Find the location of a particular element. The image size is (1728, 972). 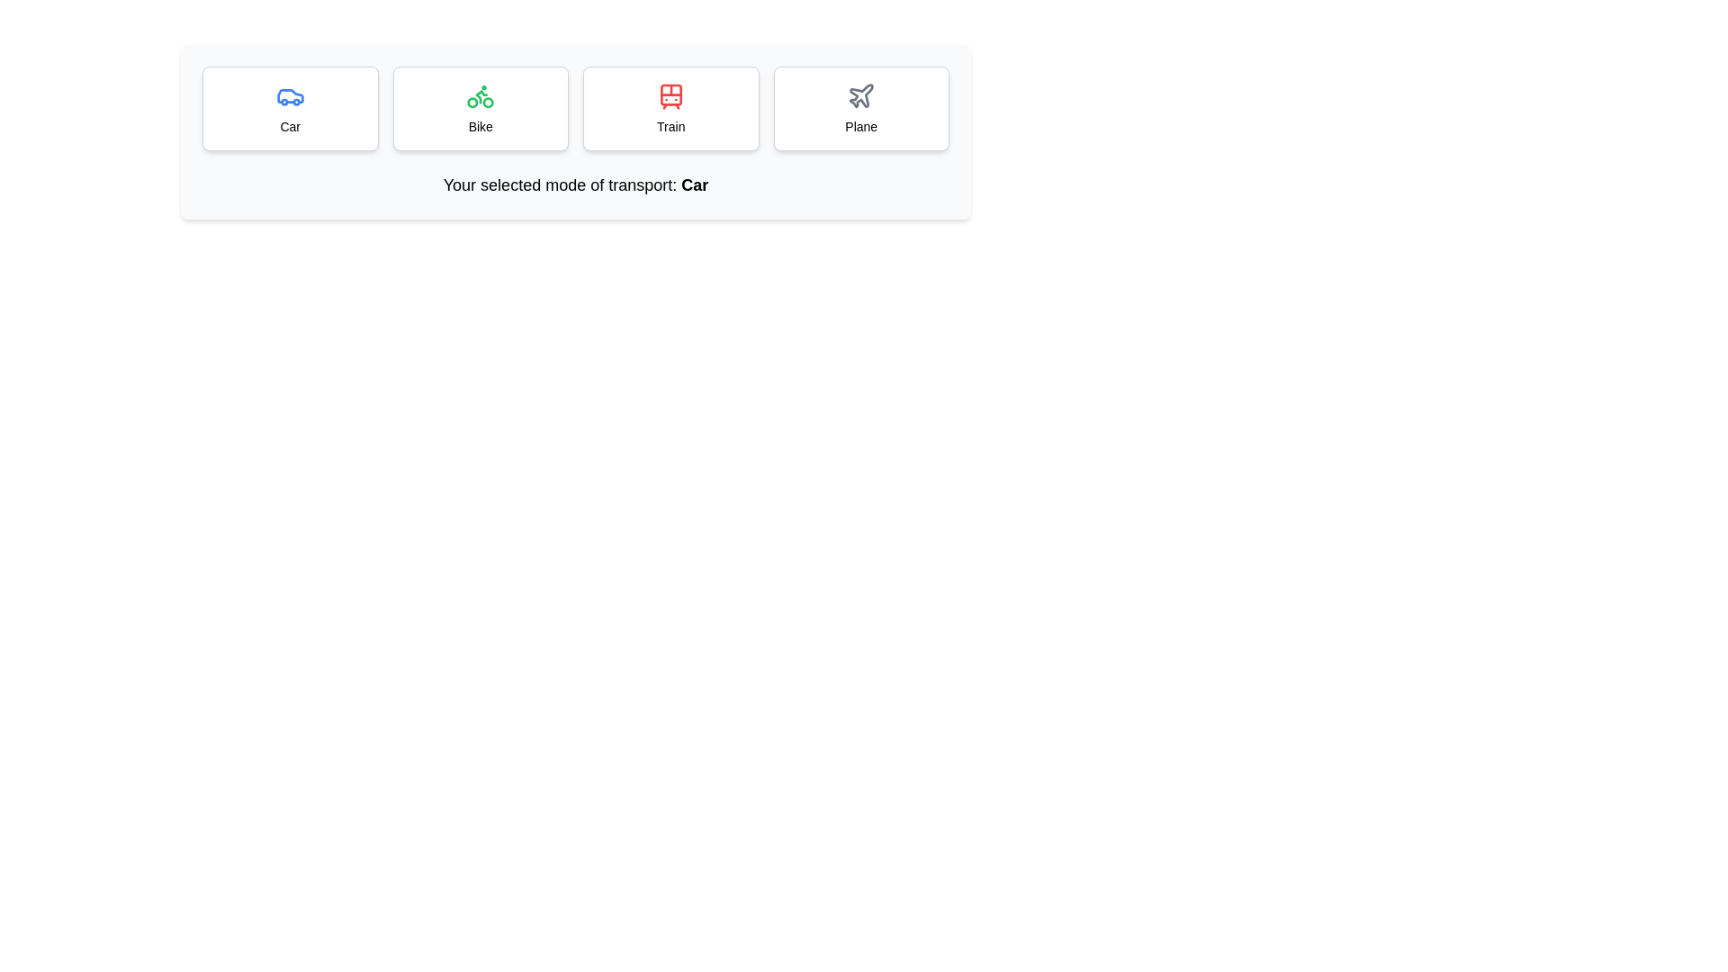

the 'Train' button, which contains the tram icon and is located in the third card from the left in a horizontal layout of four cards is located at coordinates (670, 96).